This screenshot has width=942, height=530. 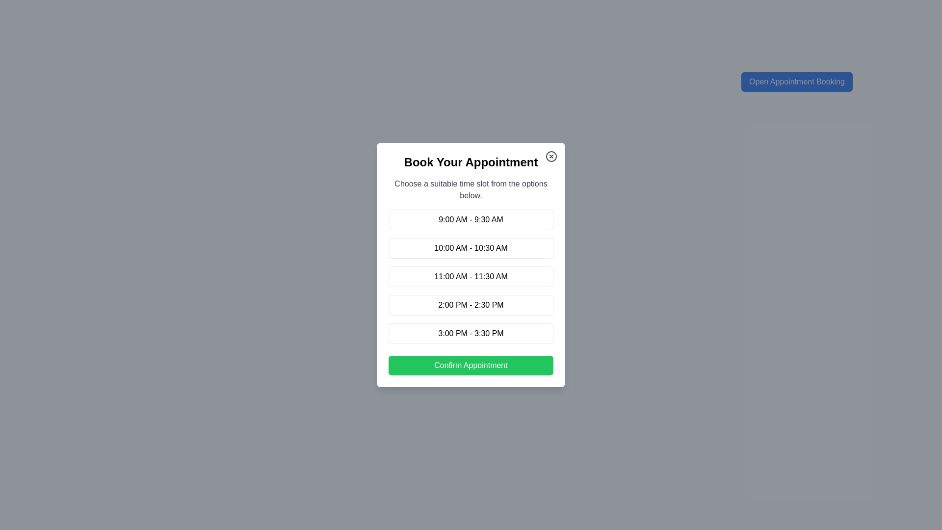 What do you see at coordinates (471, 247) in the screenshot?
I see `the second time slot option for scheduling an appointment` at bounding box center [471, 247].